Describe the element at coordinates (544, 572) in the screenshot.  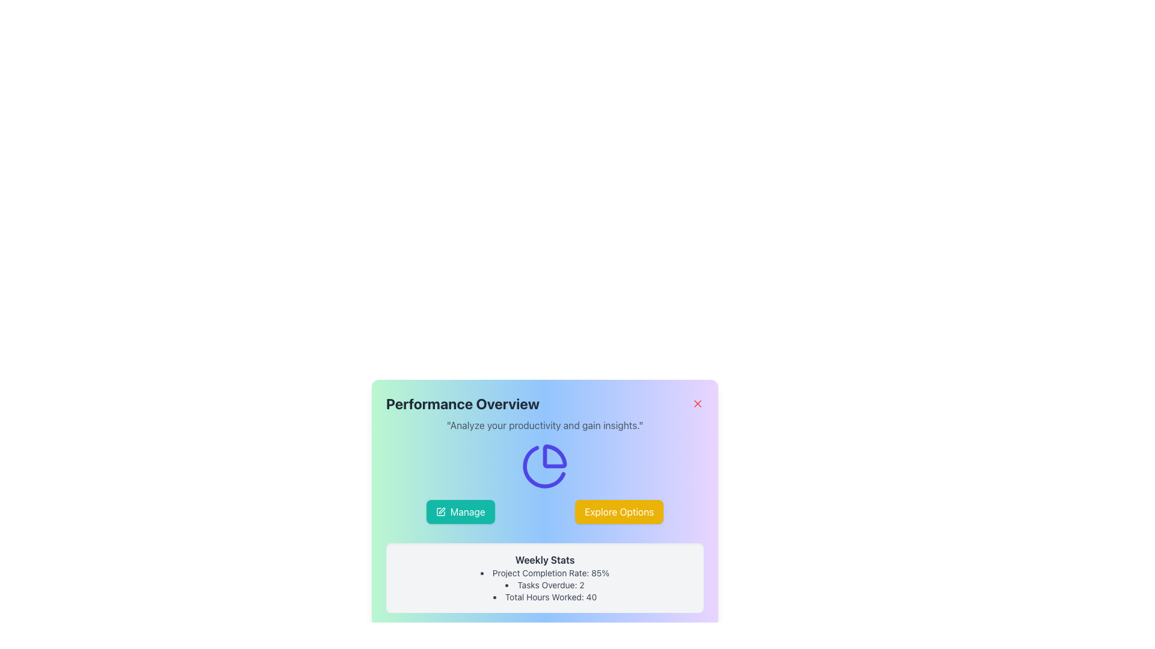
I see `text item displaying 'Project Completion Rate: 85%' located at the top of the 'Weekly Stats' section` at that location.